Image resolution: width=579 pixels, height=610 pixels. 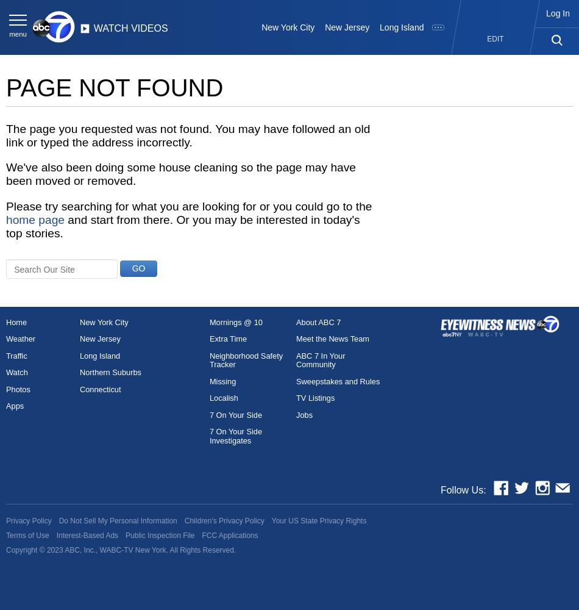 I want to click on 'EDIT', so click(x=494, y=38).